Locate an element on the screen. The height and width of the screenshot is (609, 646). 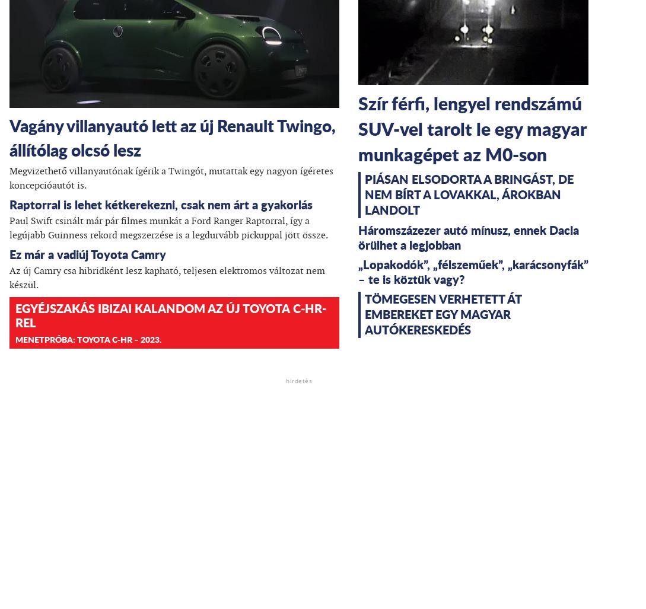
'Vagány villanyautó lett az új Renault Twingo, állítólag olcsó lesz' is located at coordinates (171, 137).